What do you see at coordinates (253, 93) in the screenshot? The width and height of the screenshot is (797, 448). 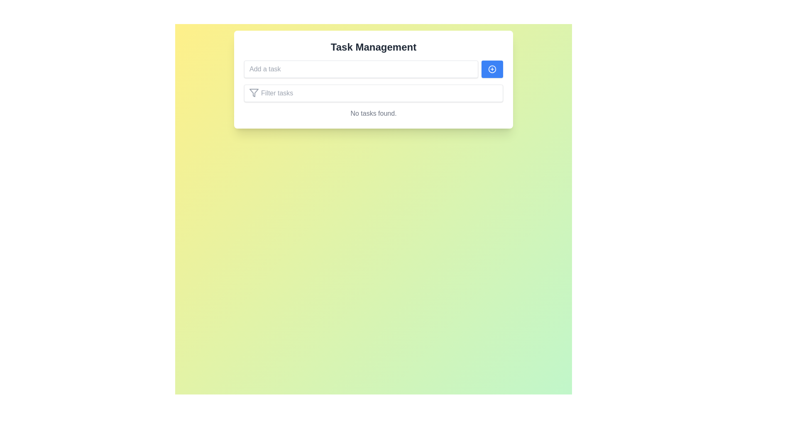 I see `the triangular-shaped funnel icon located in the 'Filter tasks' button area, positioned near the left side of the button` at bounding box center [253, 93].